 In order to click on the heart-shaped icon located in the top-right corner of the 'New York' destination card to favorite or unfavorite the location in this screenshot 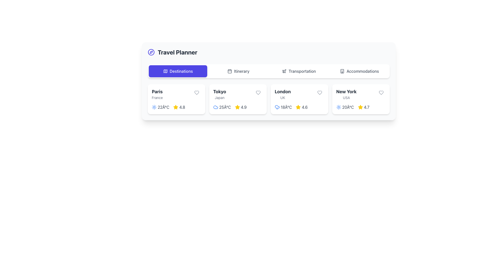, I will do `click(381, 92)`.